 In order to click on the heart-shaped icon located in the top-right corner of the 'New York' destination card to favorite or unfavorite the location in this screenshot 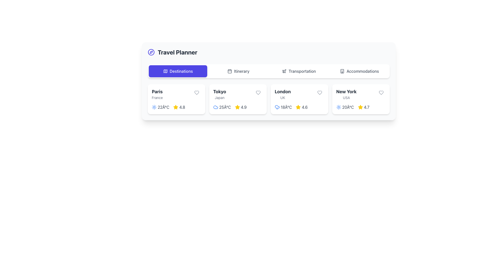, I will do `click(381, 92)`.